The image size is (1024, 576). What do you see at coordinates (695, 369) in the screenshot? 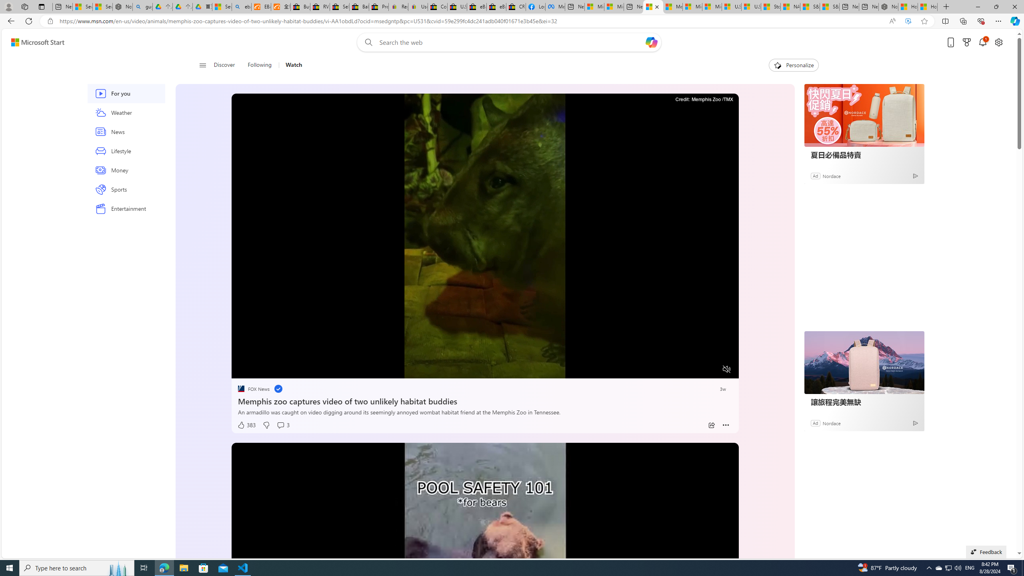
I see `'Captions'` at bounding box center [695, 369].